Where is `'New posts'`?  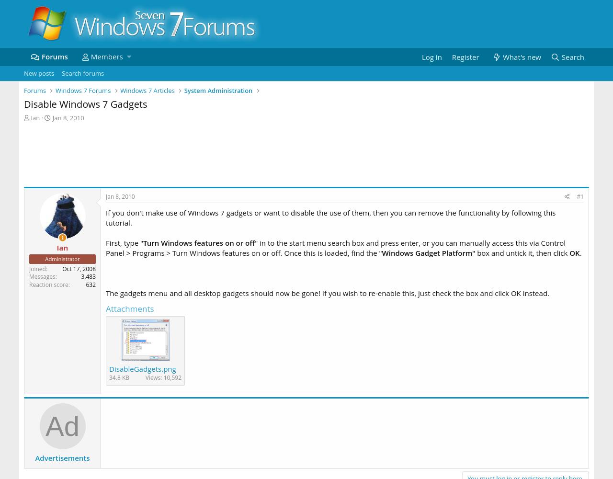 'New posts' is located at coordinates (24, 73).